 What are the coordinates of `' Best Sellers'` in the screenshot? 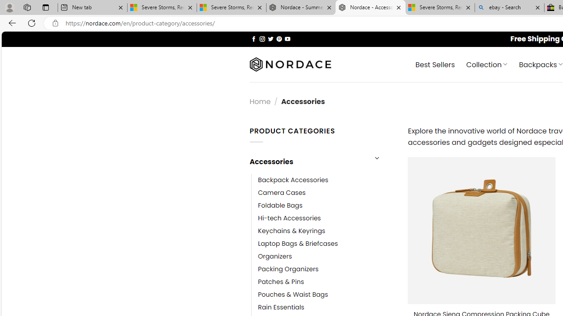 It's located at (435, 64).